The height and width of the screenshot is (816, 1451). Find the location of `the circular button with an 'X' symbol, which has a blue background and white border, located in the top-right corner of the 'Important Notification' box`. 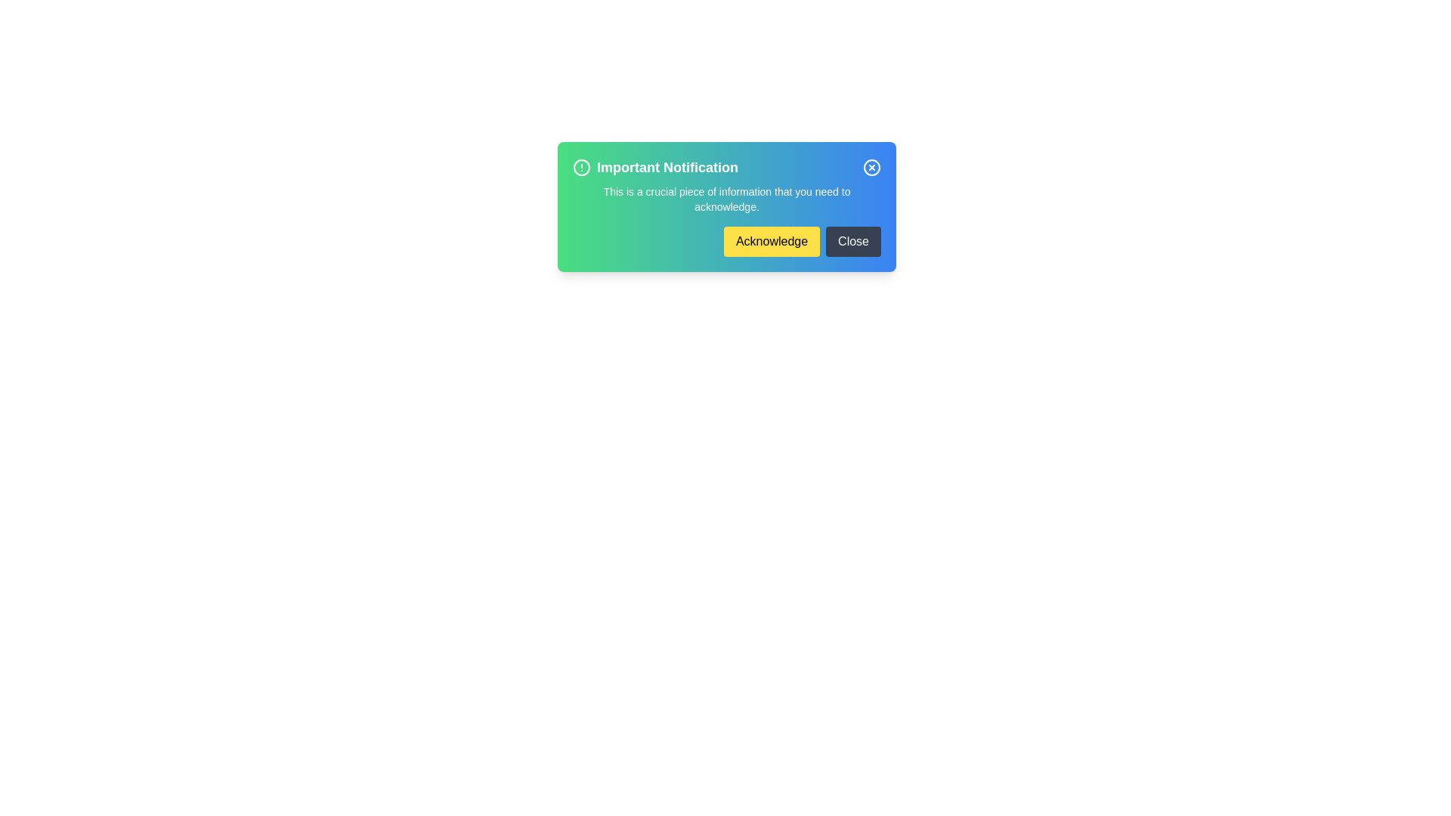

the circular button with an 'X' symbol, which has a blue background and white border, located in the top-right corner of the 'Important Notification' box is located at coordinates (871, 168).